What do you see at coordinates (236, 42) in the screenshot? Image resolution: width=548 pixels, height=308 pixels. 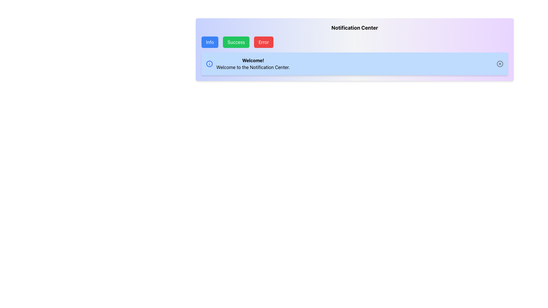 I see `the green 'Success' button, which is the second button in a group of three, positioned between the blue 'Info' button and the red 'Error' button` at bounding box center [236, 42].